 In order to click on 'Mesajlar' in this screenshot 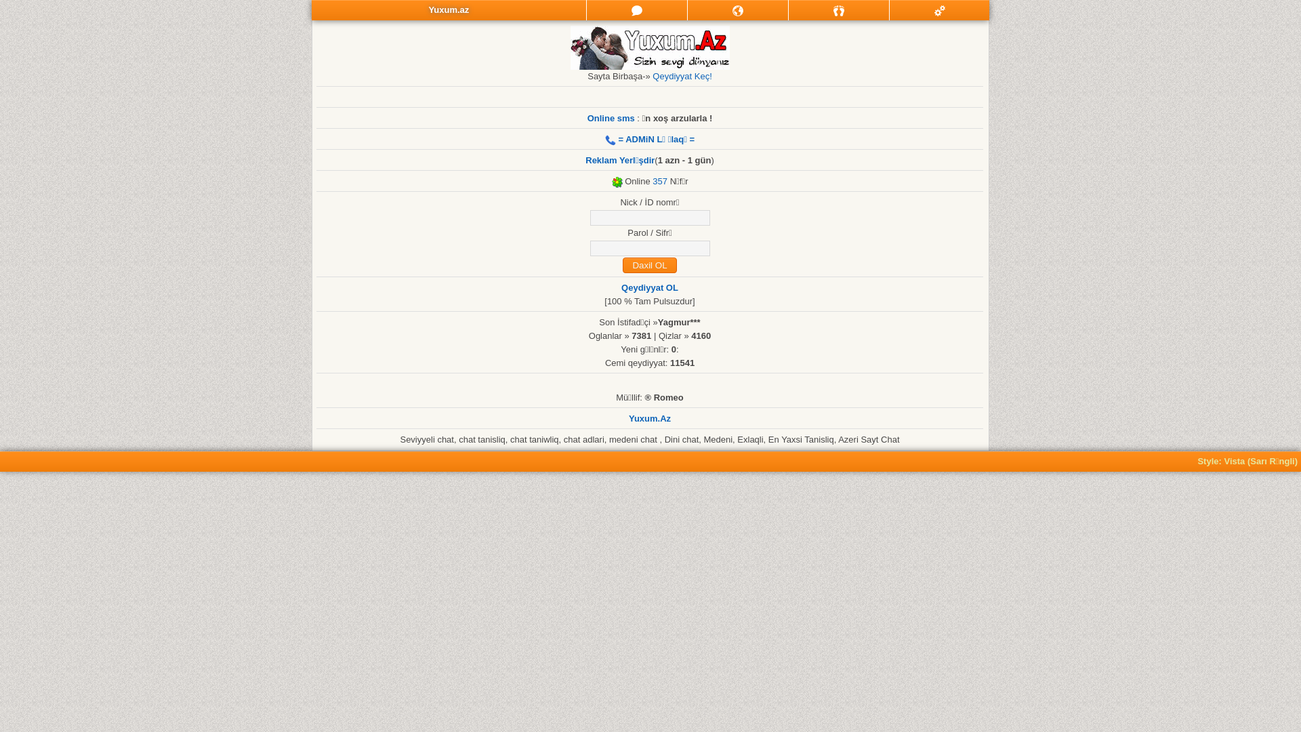, I will do `click(636, 10)`.